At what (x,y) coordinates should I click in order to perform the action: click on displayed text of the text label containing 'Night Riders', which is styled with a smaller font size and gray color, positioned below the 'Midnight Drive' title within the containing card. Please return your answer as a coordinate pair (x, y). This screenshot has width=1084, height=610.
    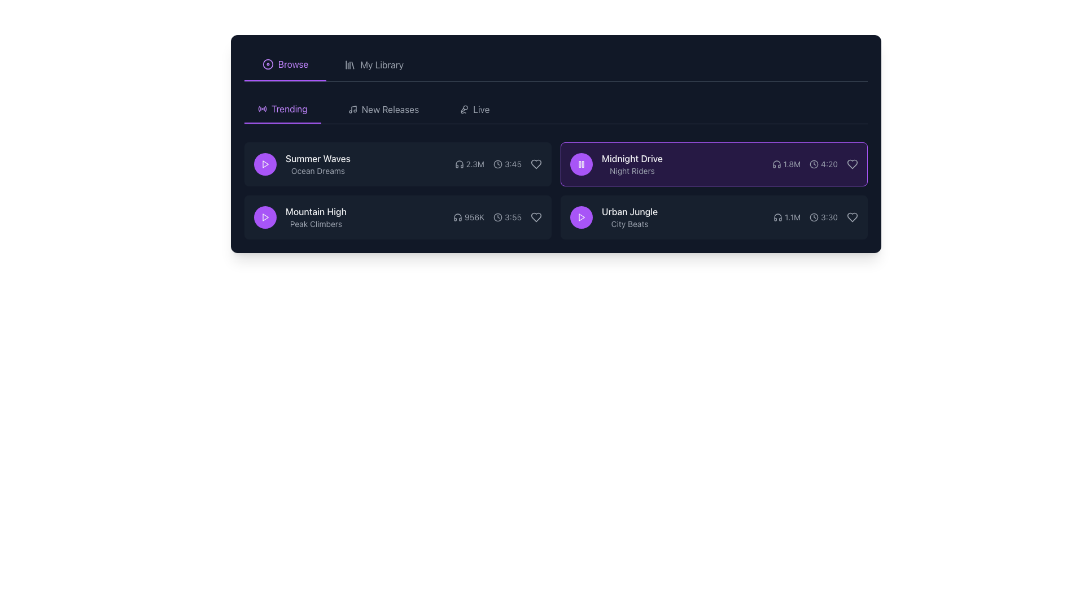
    Looking at the image, I should click on (631, 171).